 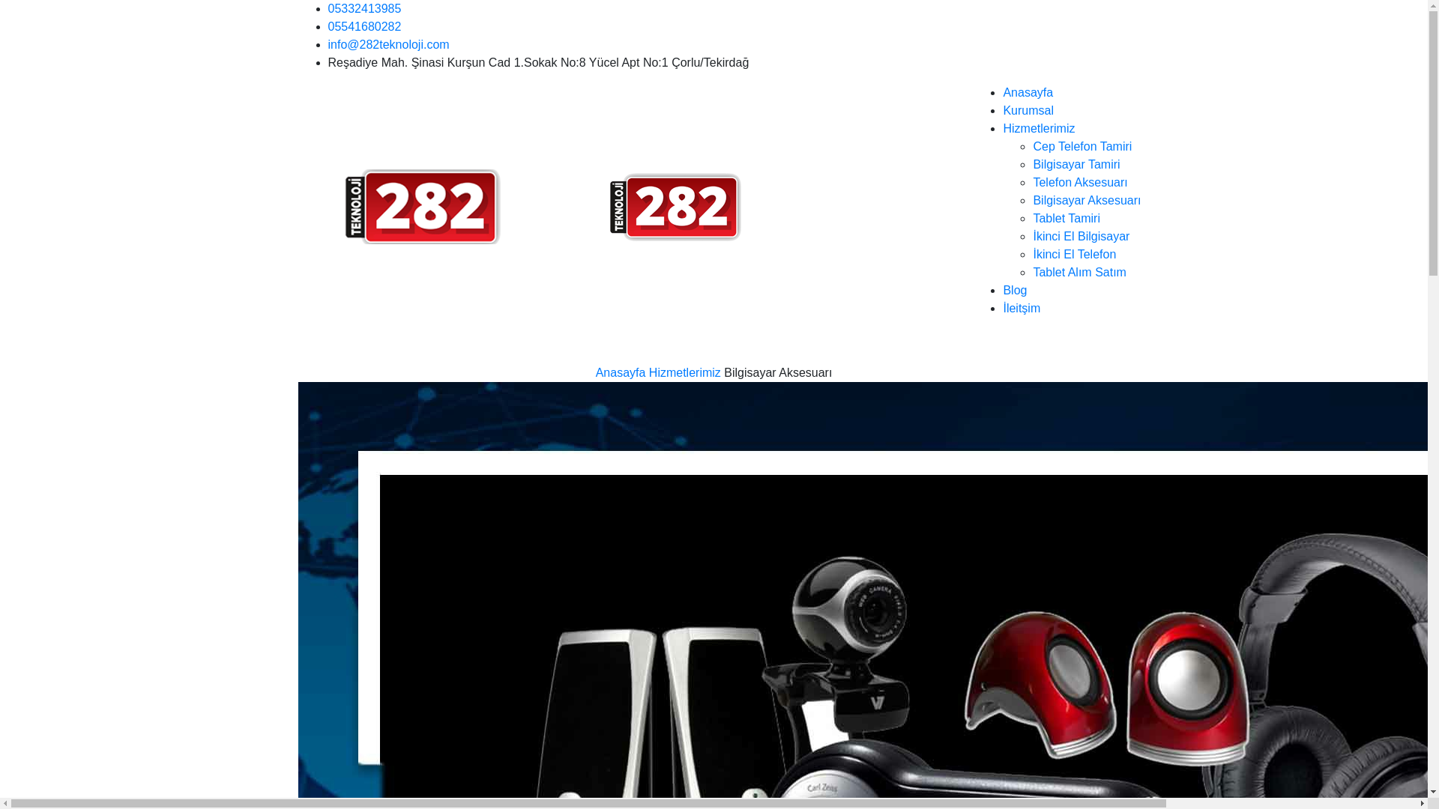 What do you see at coordinates (1031, 218) in the screenshot?
I see `'Tablet Tamiri'` at bounding box center [1031, 218].